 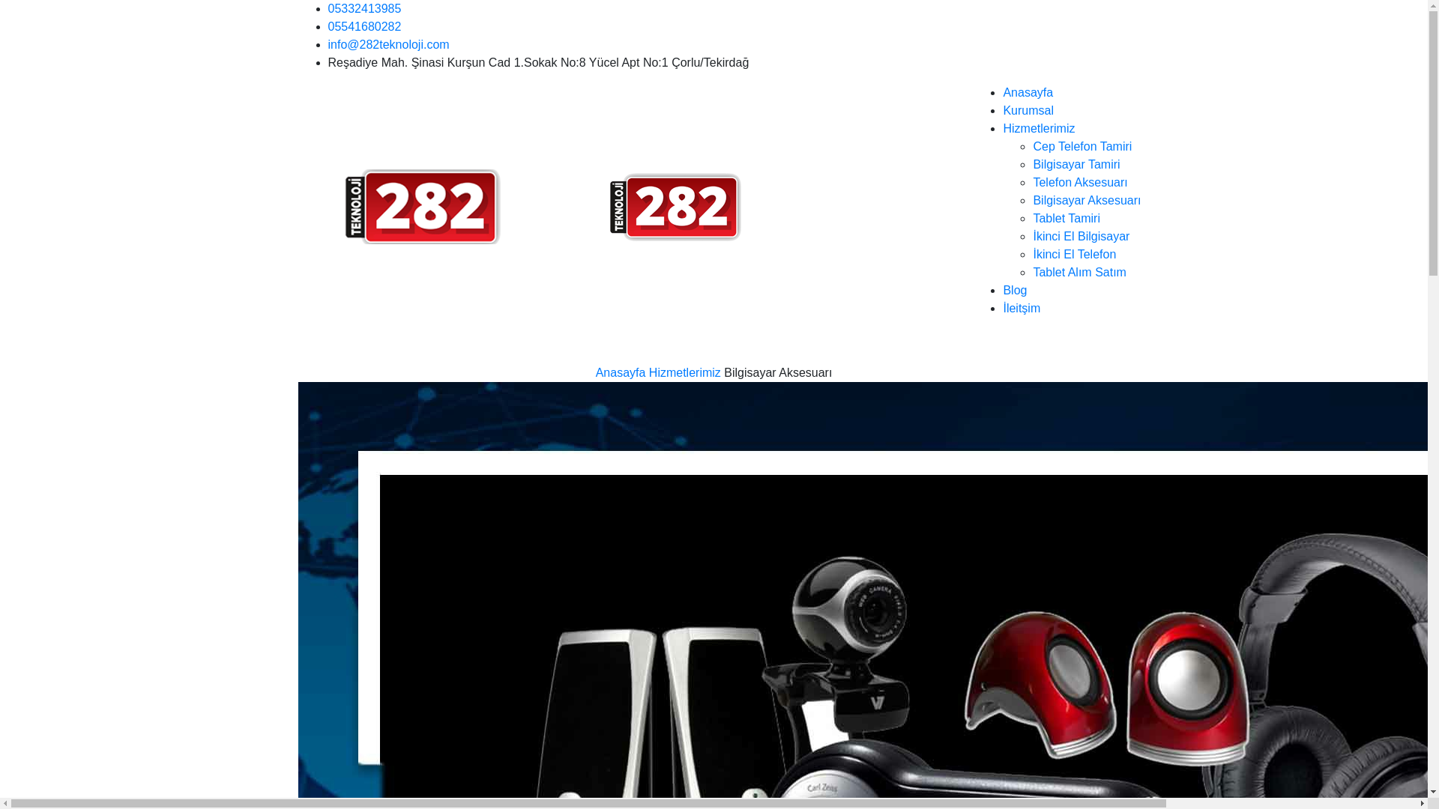 What do you see at coordinates (1031, 218) in the screenshot?
I see `'Tablet Tamiri'` at bounding box center [1031, 218].